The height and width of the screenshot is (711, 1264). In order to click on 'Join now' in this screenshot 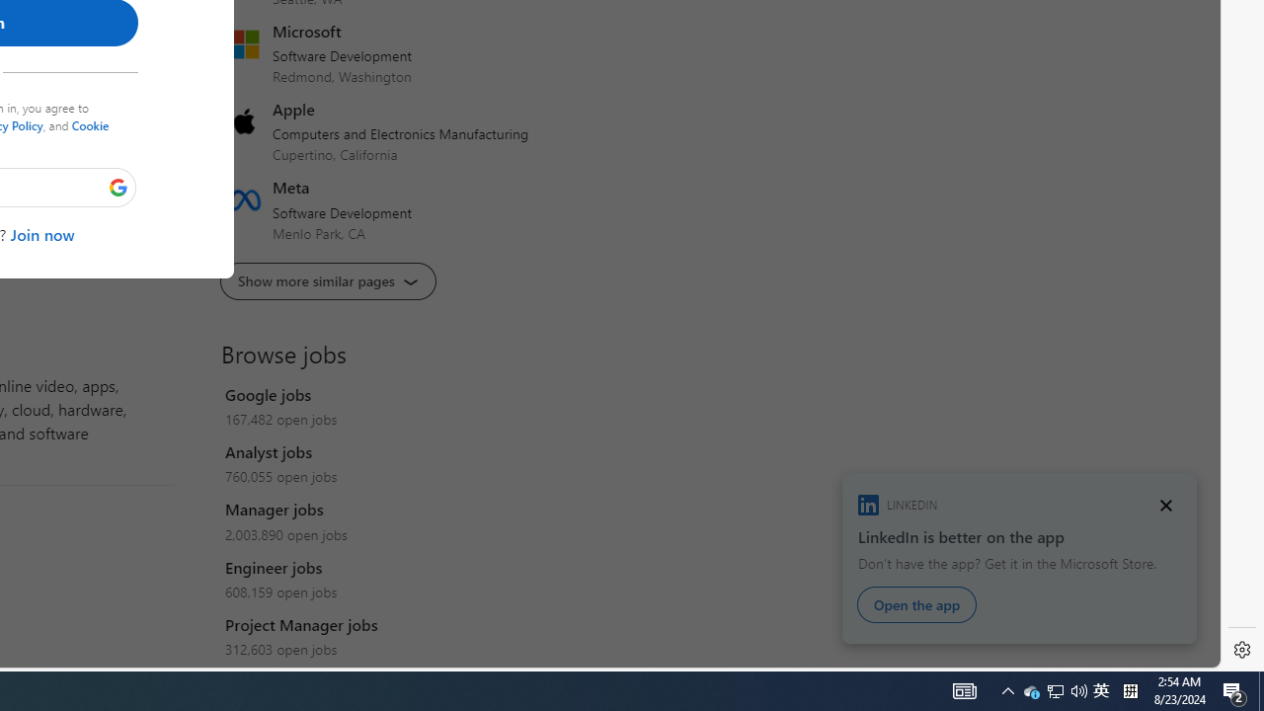, I will do `click(41, 232)`.